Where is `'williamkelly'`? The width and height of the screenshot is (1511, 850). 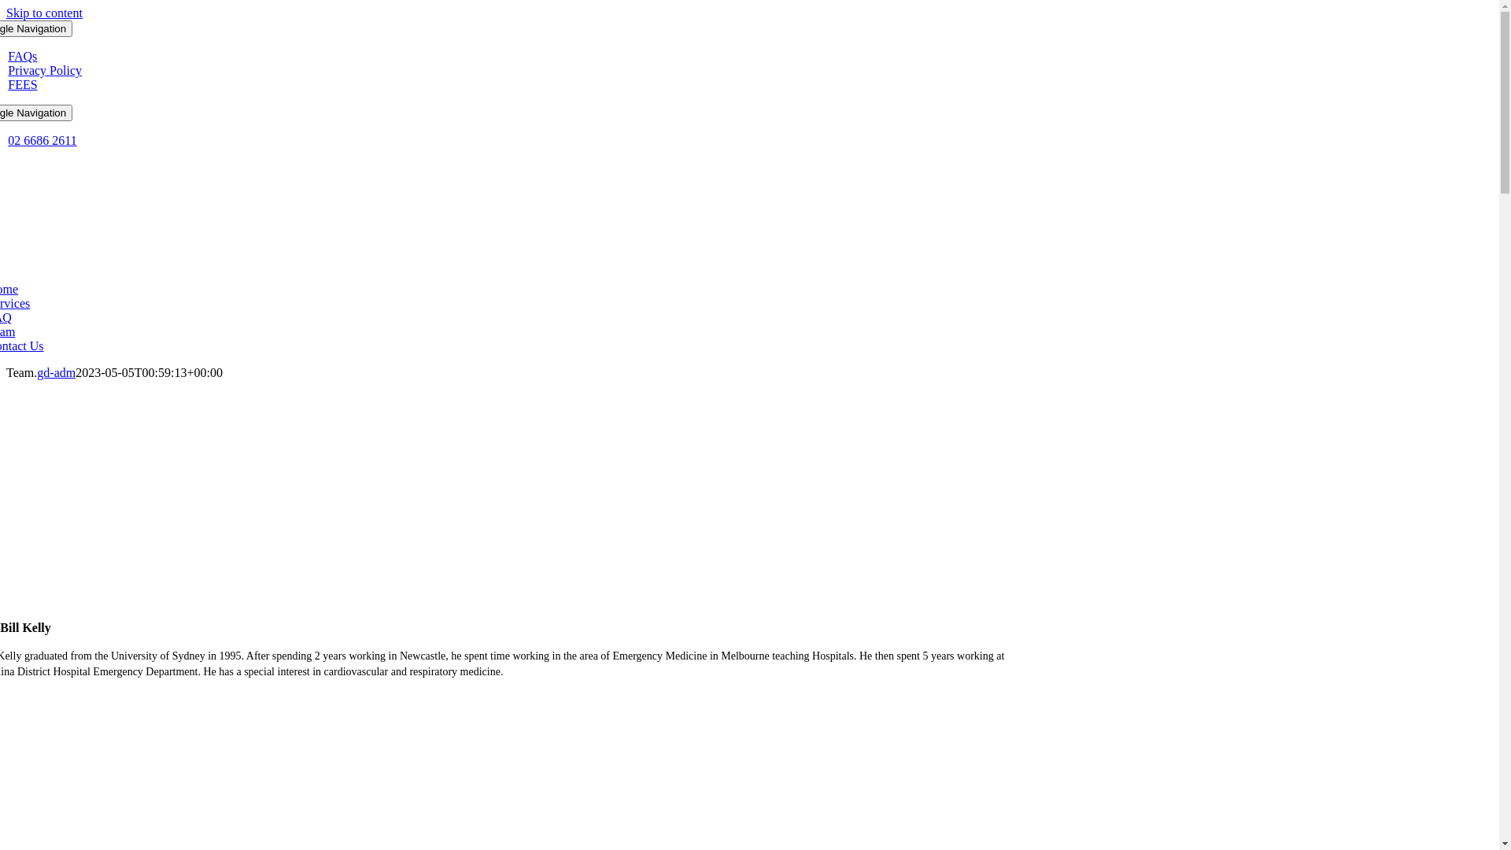
'williamkelly' is located at coordinates (501, 497).